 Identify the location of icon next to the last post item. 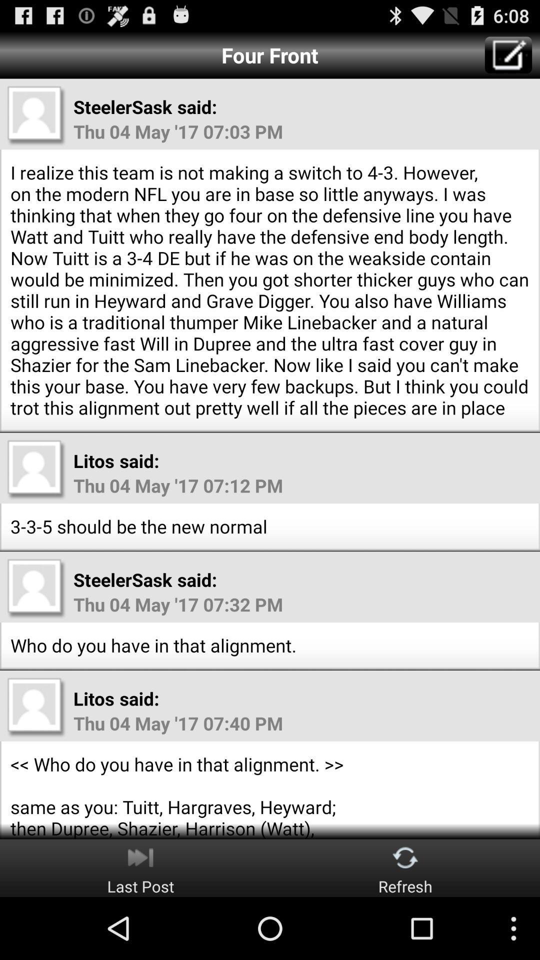
(405, 867).